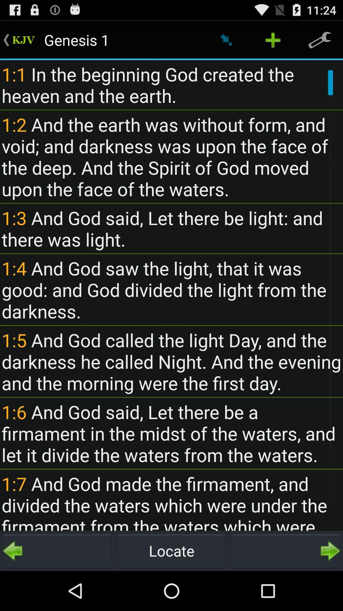 This screenshot has width=343, height=611. What do you see at coordinates (57, 551) in the screenshot?
I see `button at the bottom left corner` at bounding box center [57, 551].